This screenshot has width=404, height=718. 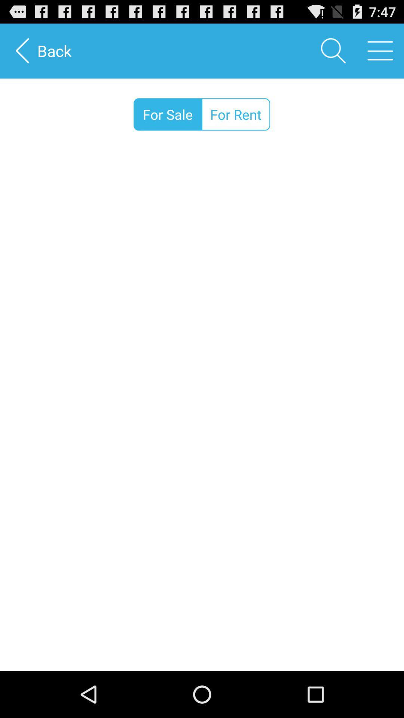 I want to click on the icon next to back item, so click(x=333, y=50).